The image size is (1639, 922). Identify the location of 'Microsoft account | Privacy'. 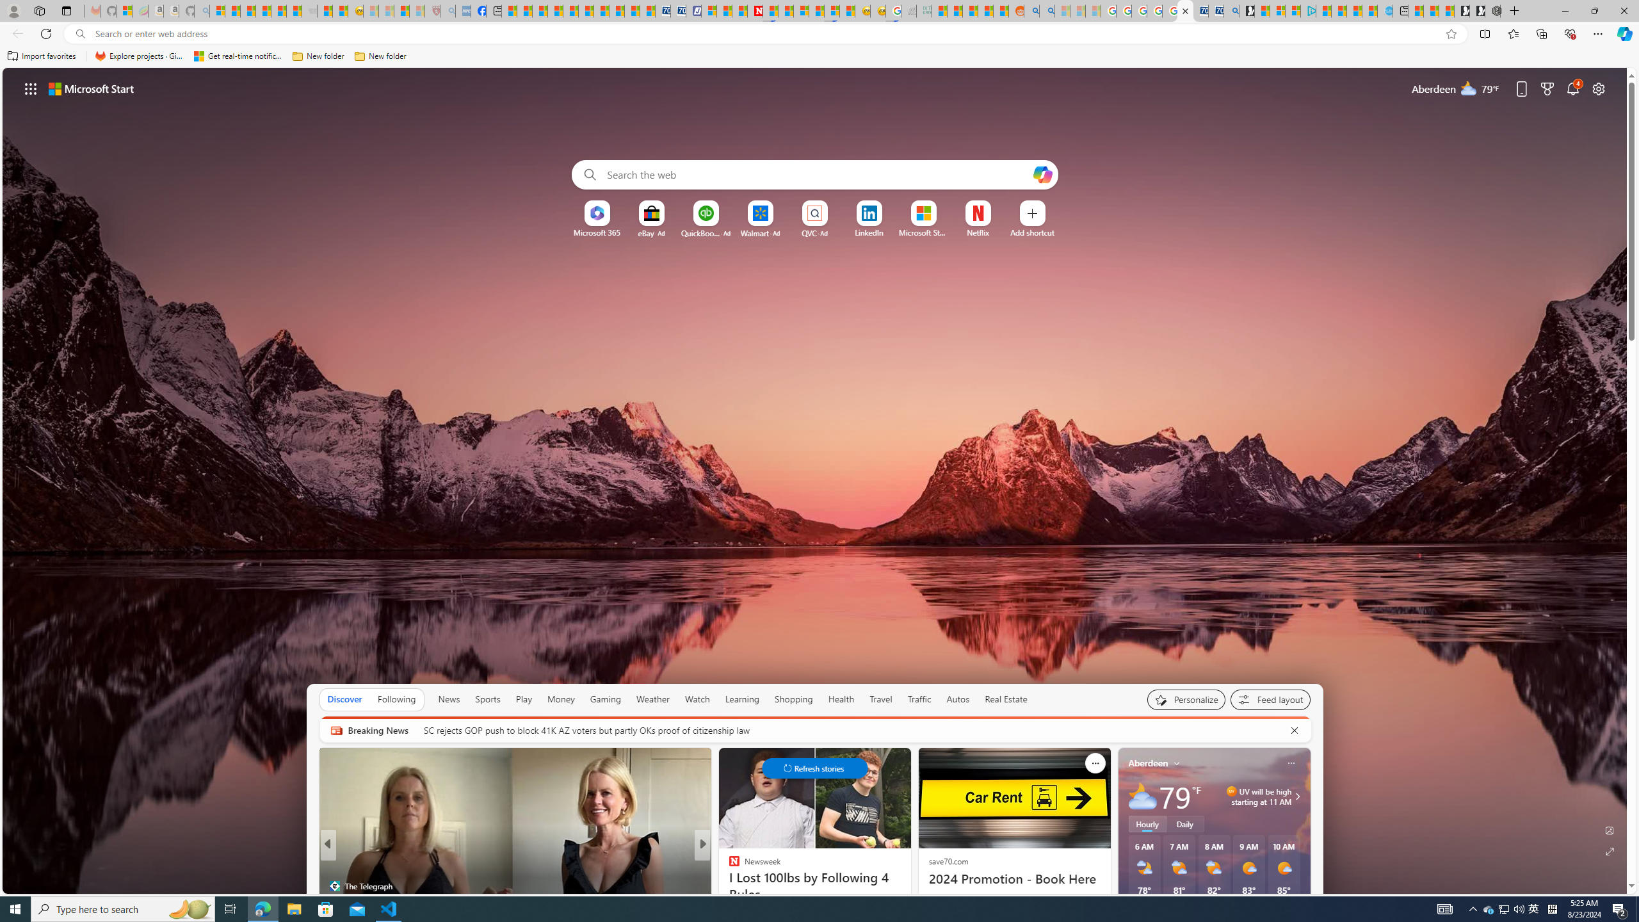
(1292, 10).